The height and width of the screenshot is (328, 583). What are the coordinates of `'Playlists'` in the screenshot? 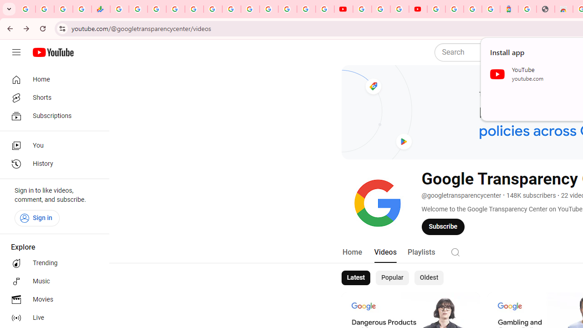 It's located at (420, 252).